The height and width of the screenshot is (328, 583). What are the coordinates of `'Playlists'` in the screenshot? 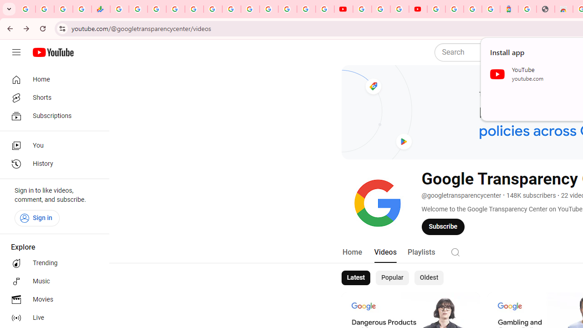 It's located at (420, 252).